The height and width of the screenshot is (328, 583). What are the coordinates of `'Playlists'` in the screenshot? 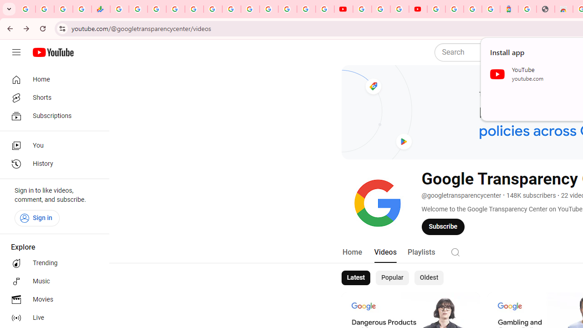 It's located at (420, 252).